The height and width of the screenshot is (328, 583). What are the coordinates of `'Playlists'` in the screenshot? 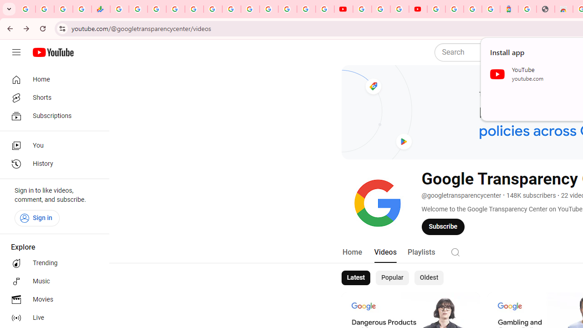 It's located at (420, 252).